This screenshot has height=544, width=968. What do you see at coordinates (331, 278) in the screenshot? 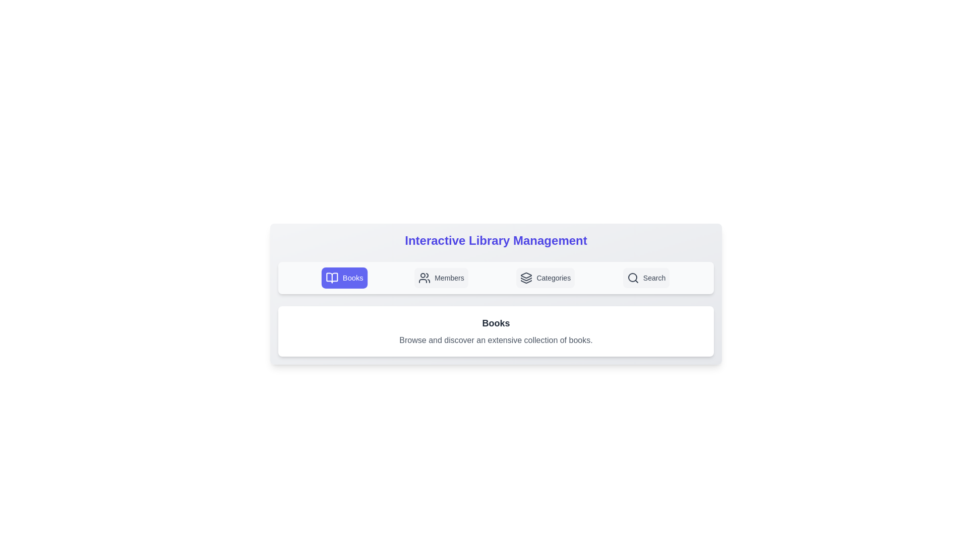
I see `the book icon located to the left of the 'Books' label` at bounding box center [331, 278].